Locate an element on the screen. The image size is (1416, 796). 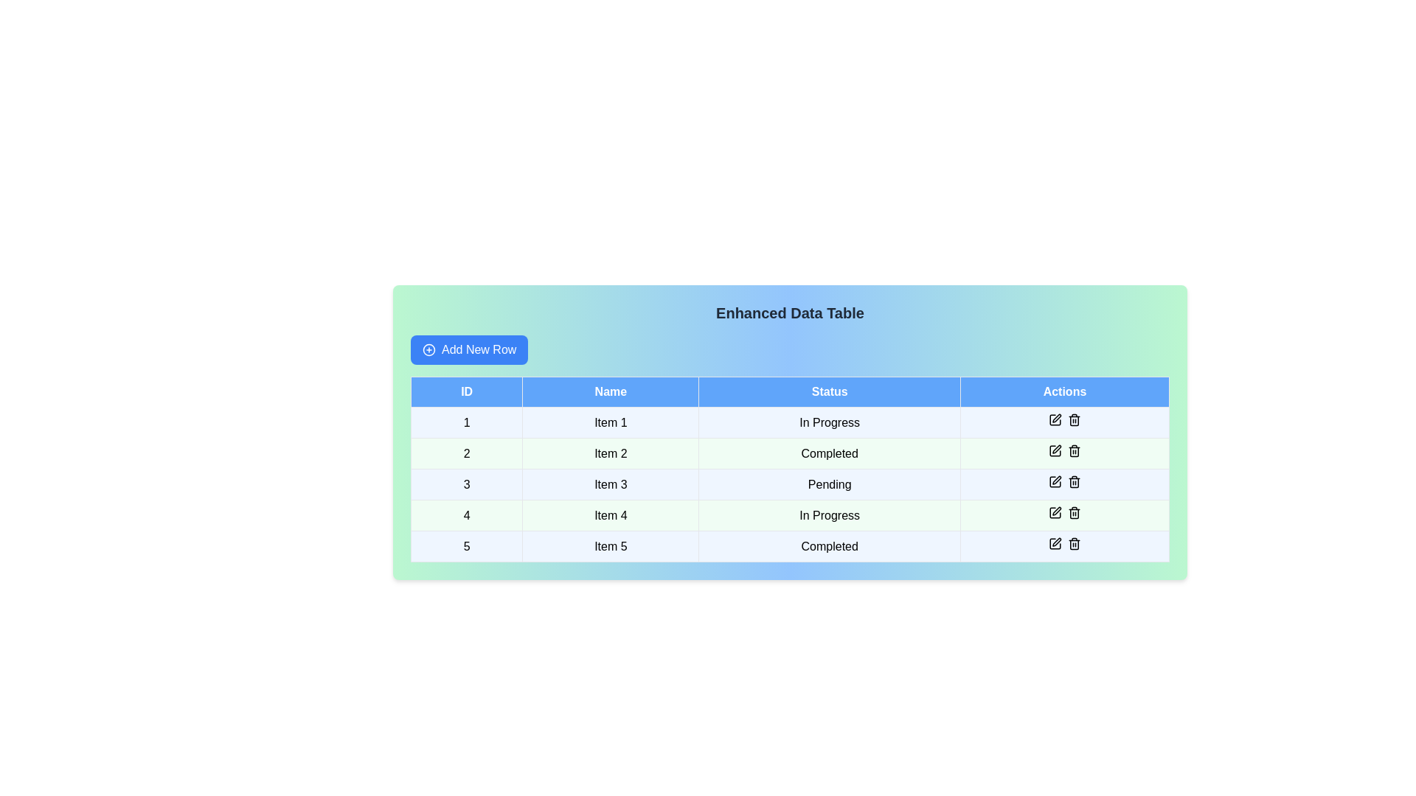
the status indicator text label in the fourth row, third column of the data table associated with 'Item 4' is located at coordinates (830, 514).